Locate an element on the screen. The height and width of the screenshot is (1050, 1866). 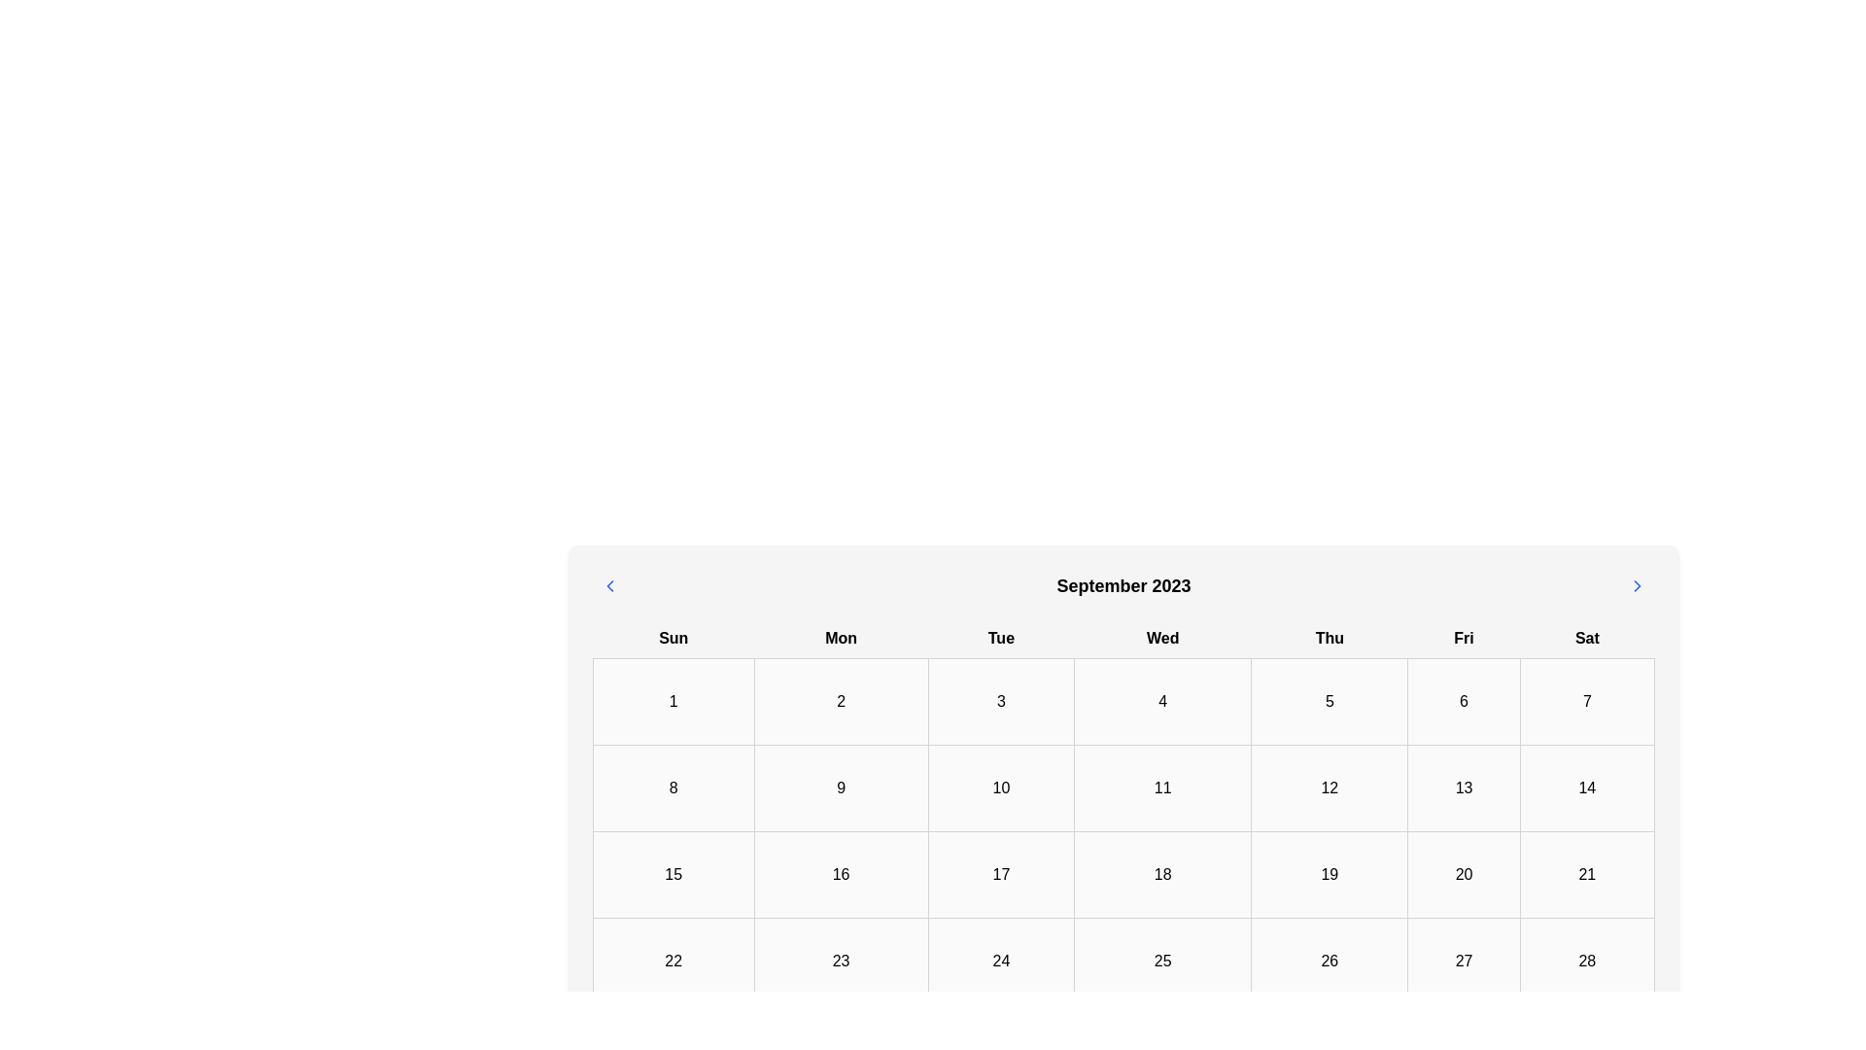
the calendar day button representing the sixth day in the row under the 'Fri' column, two rows from the bottom is located at coordinates (1464, 960).